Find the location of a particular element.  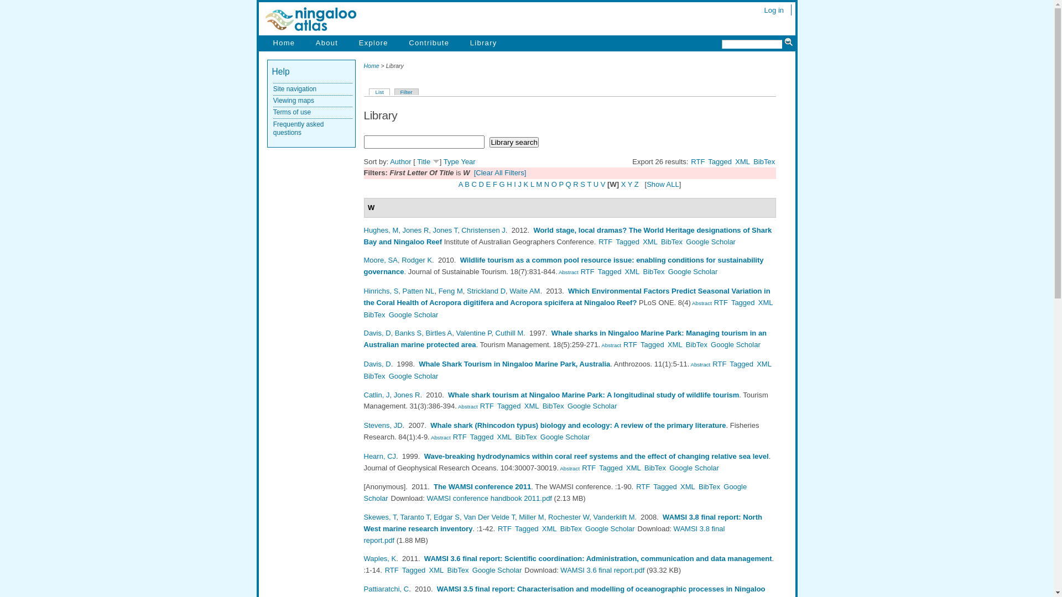

'D' is located at coordinates (478, 184).